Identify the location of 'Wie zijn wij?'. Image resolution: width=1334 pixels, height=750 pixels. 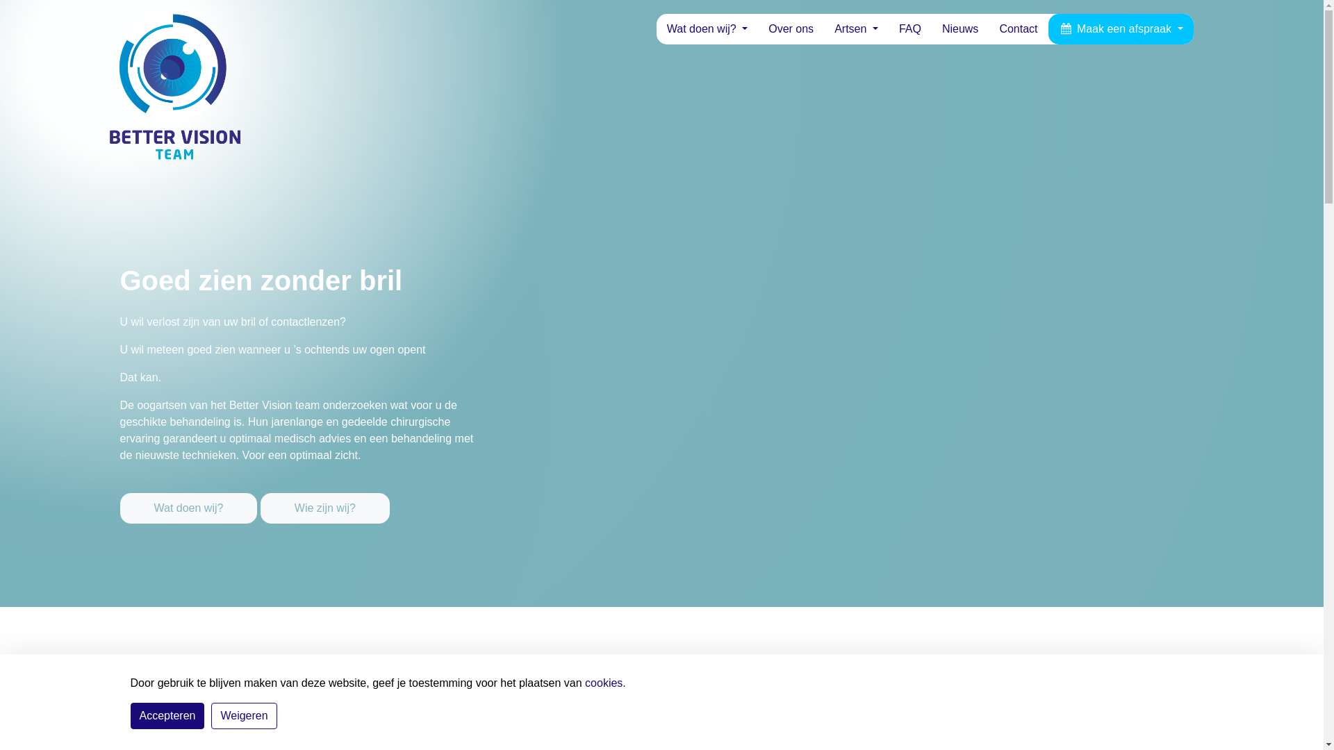
(324, 497).